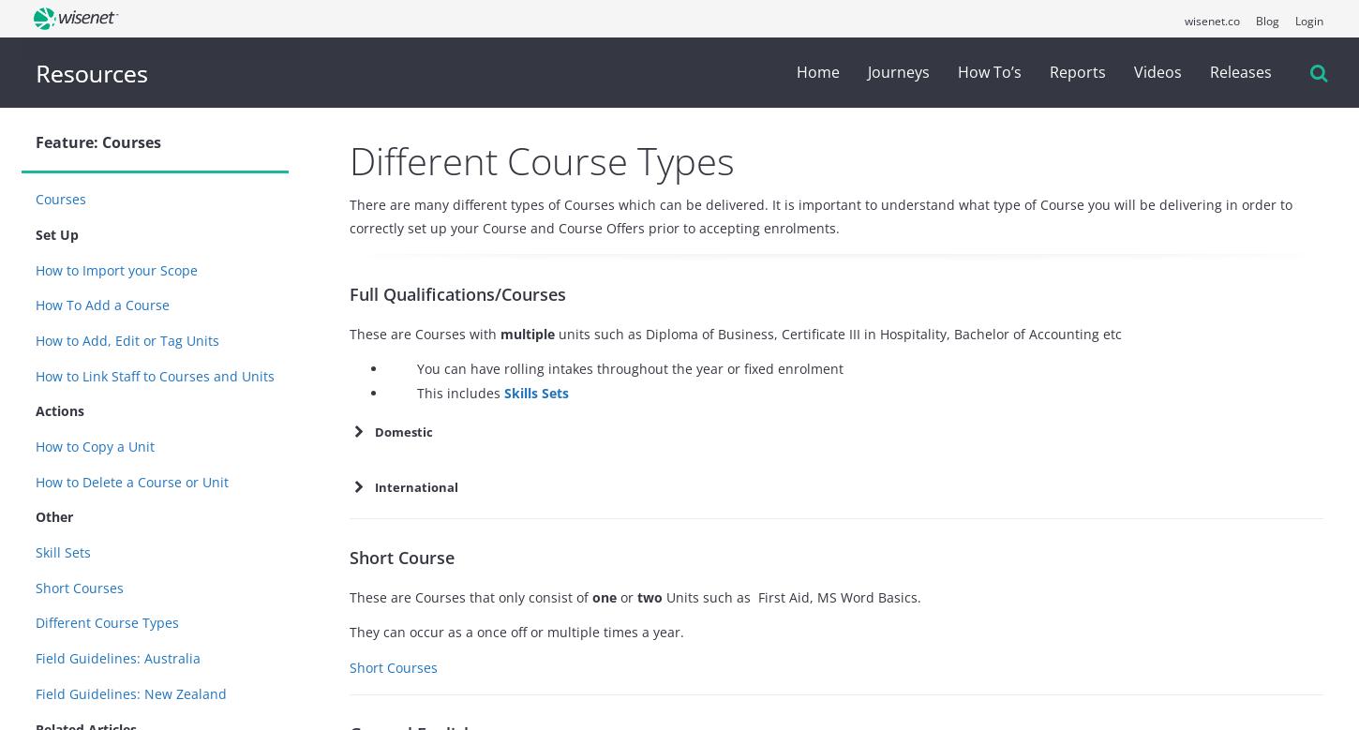 The height and width of the screenshot is (730, 1359). I want to click on 'Different Course Types', so click(542, 160).